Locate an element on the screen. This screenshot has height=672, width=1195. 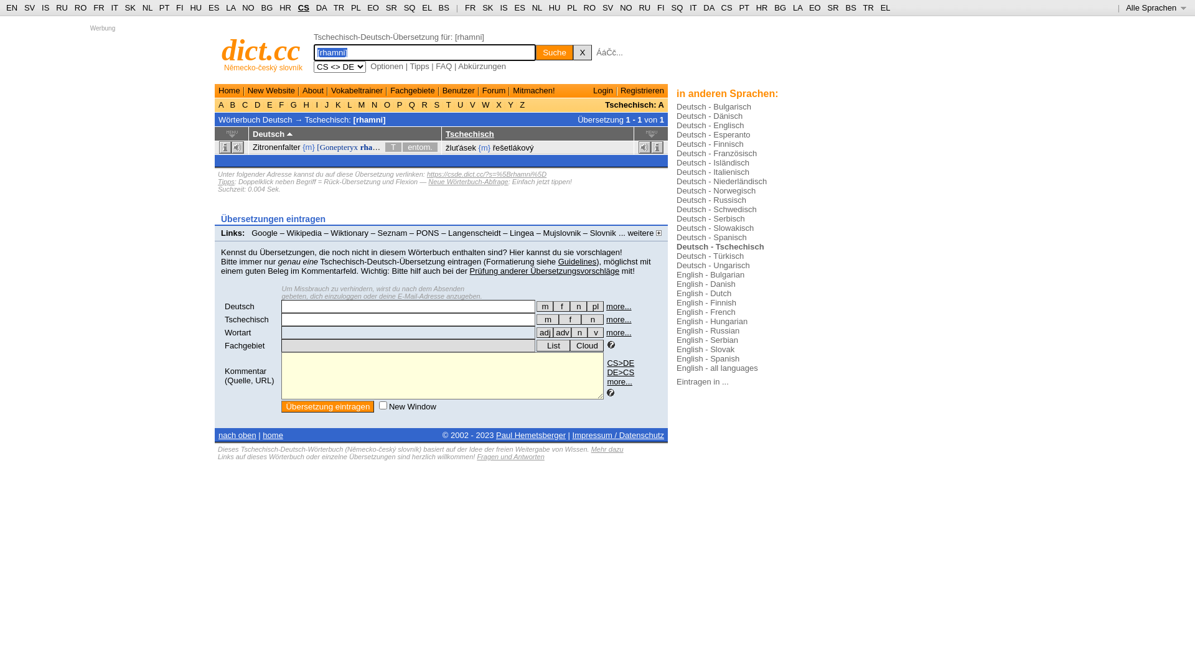
'CS' is located at coordinates (726, 7).